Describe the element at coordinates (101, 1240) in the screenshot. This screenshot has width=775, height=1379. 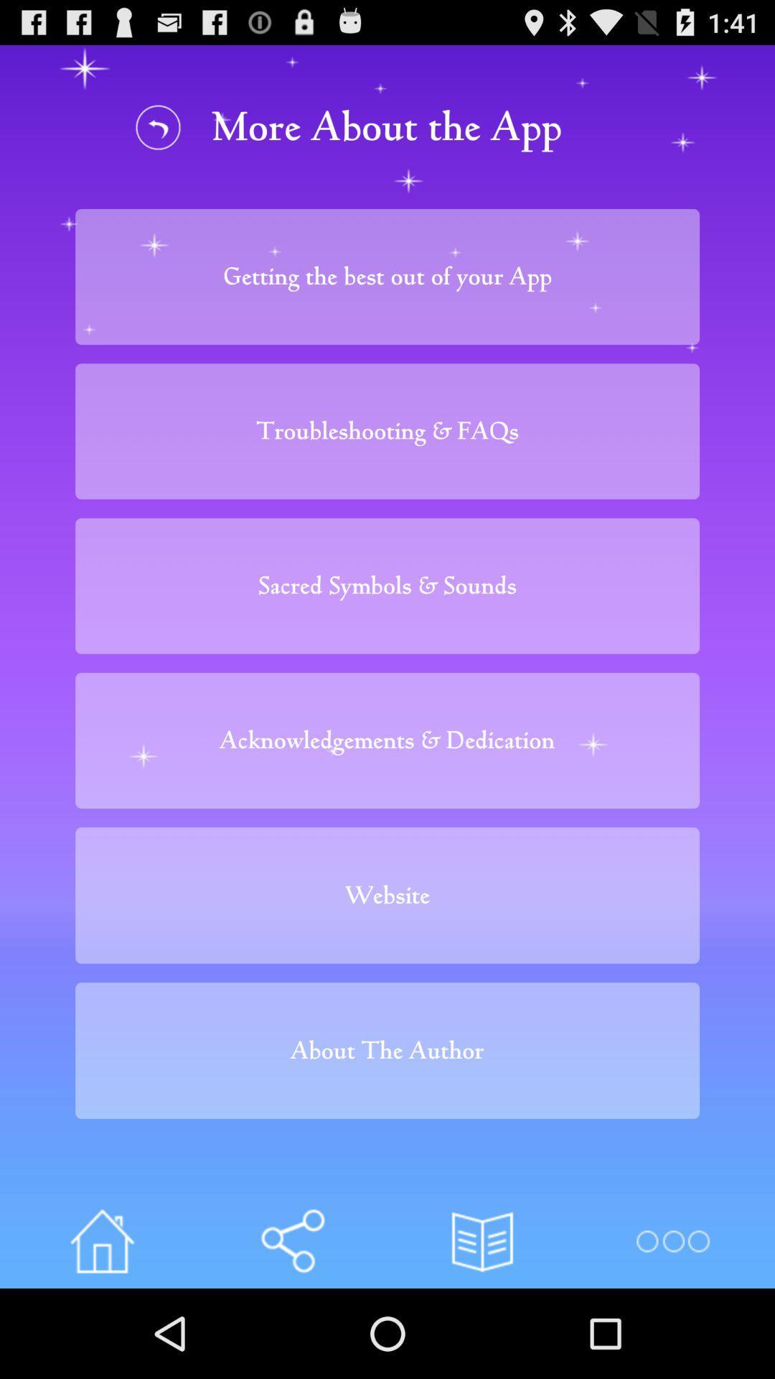
I see `home page` at that location.